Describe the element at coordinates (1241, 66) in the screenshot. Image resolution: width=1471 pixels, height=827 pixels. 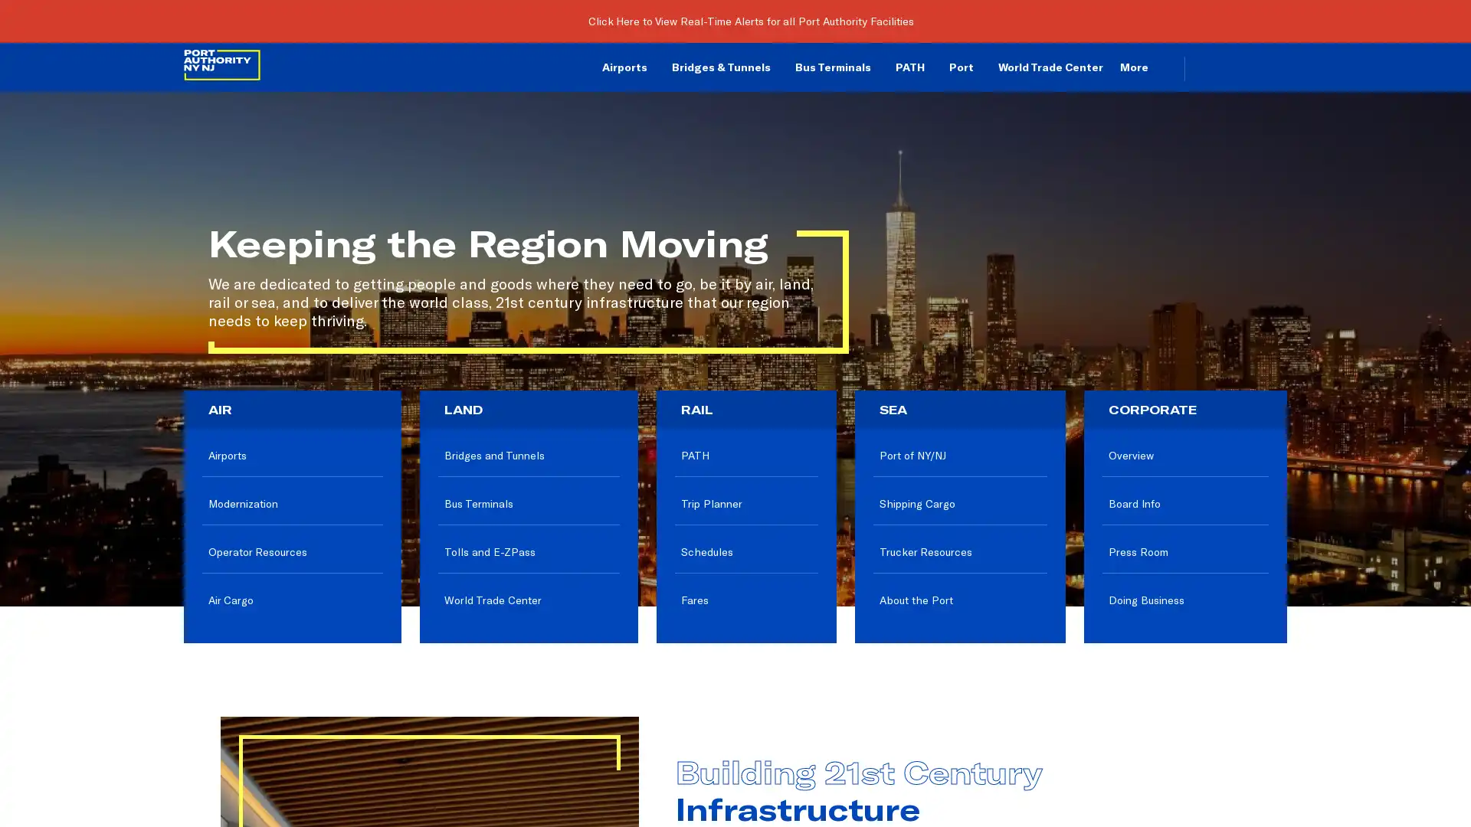
I see `Accessibility` at that location.